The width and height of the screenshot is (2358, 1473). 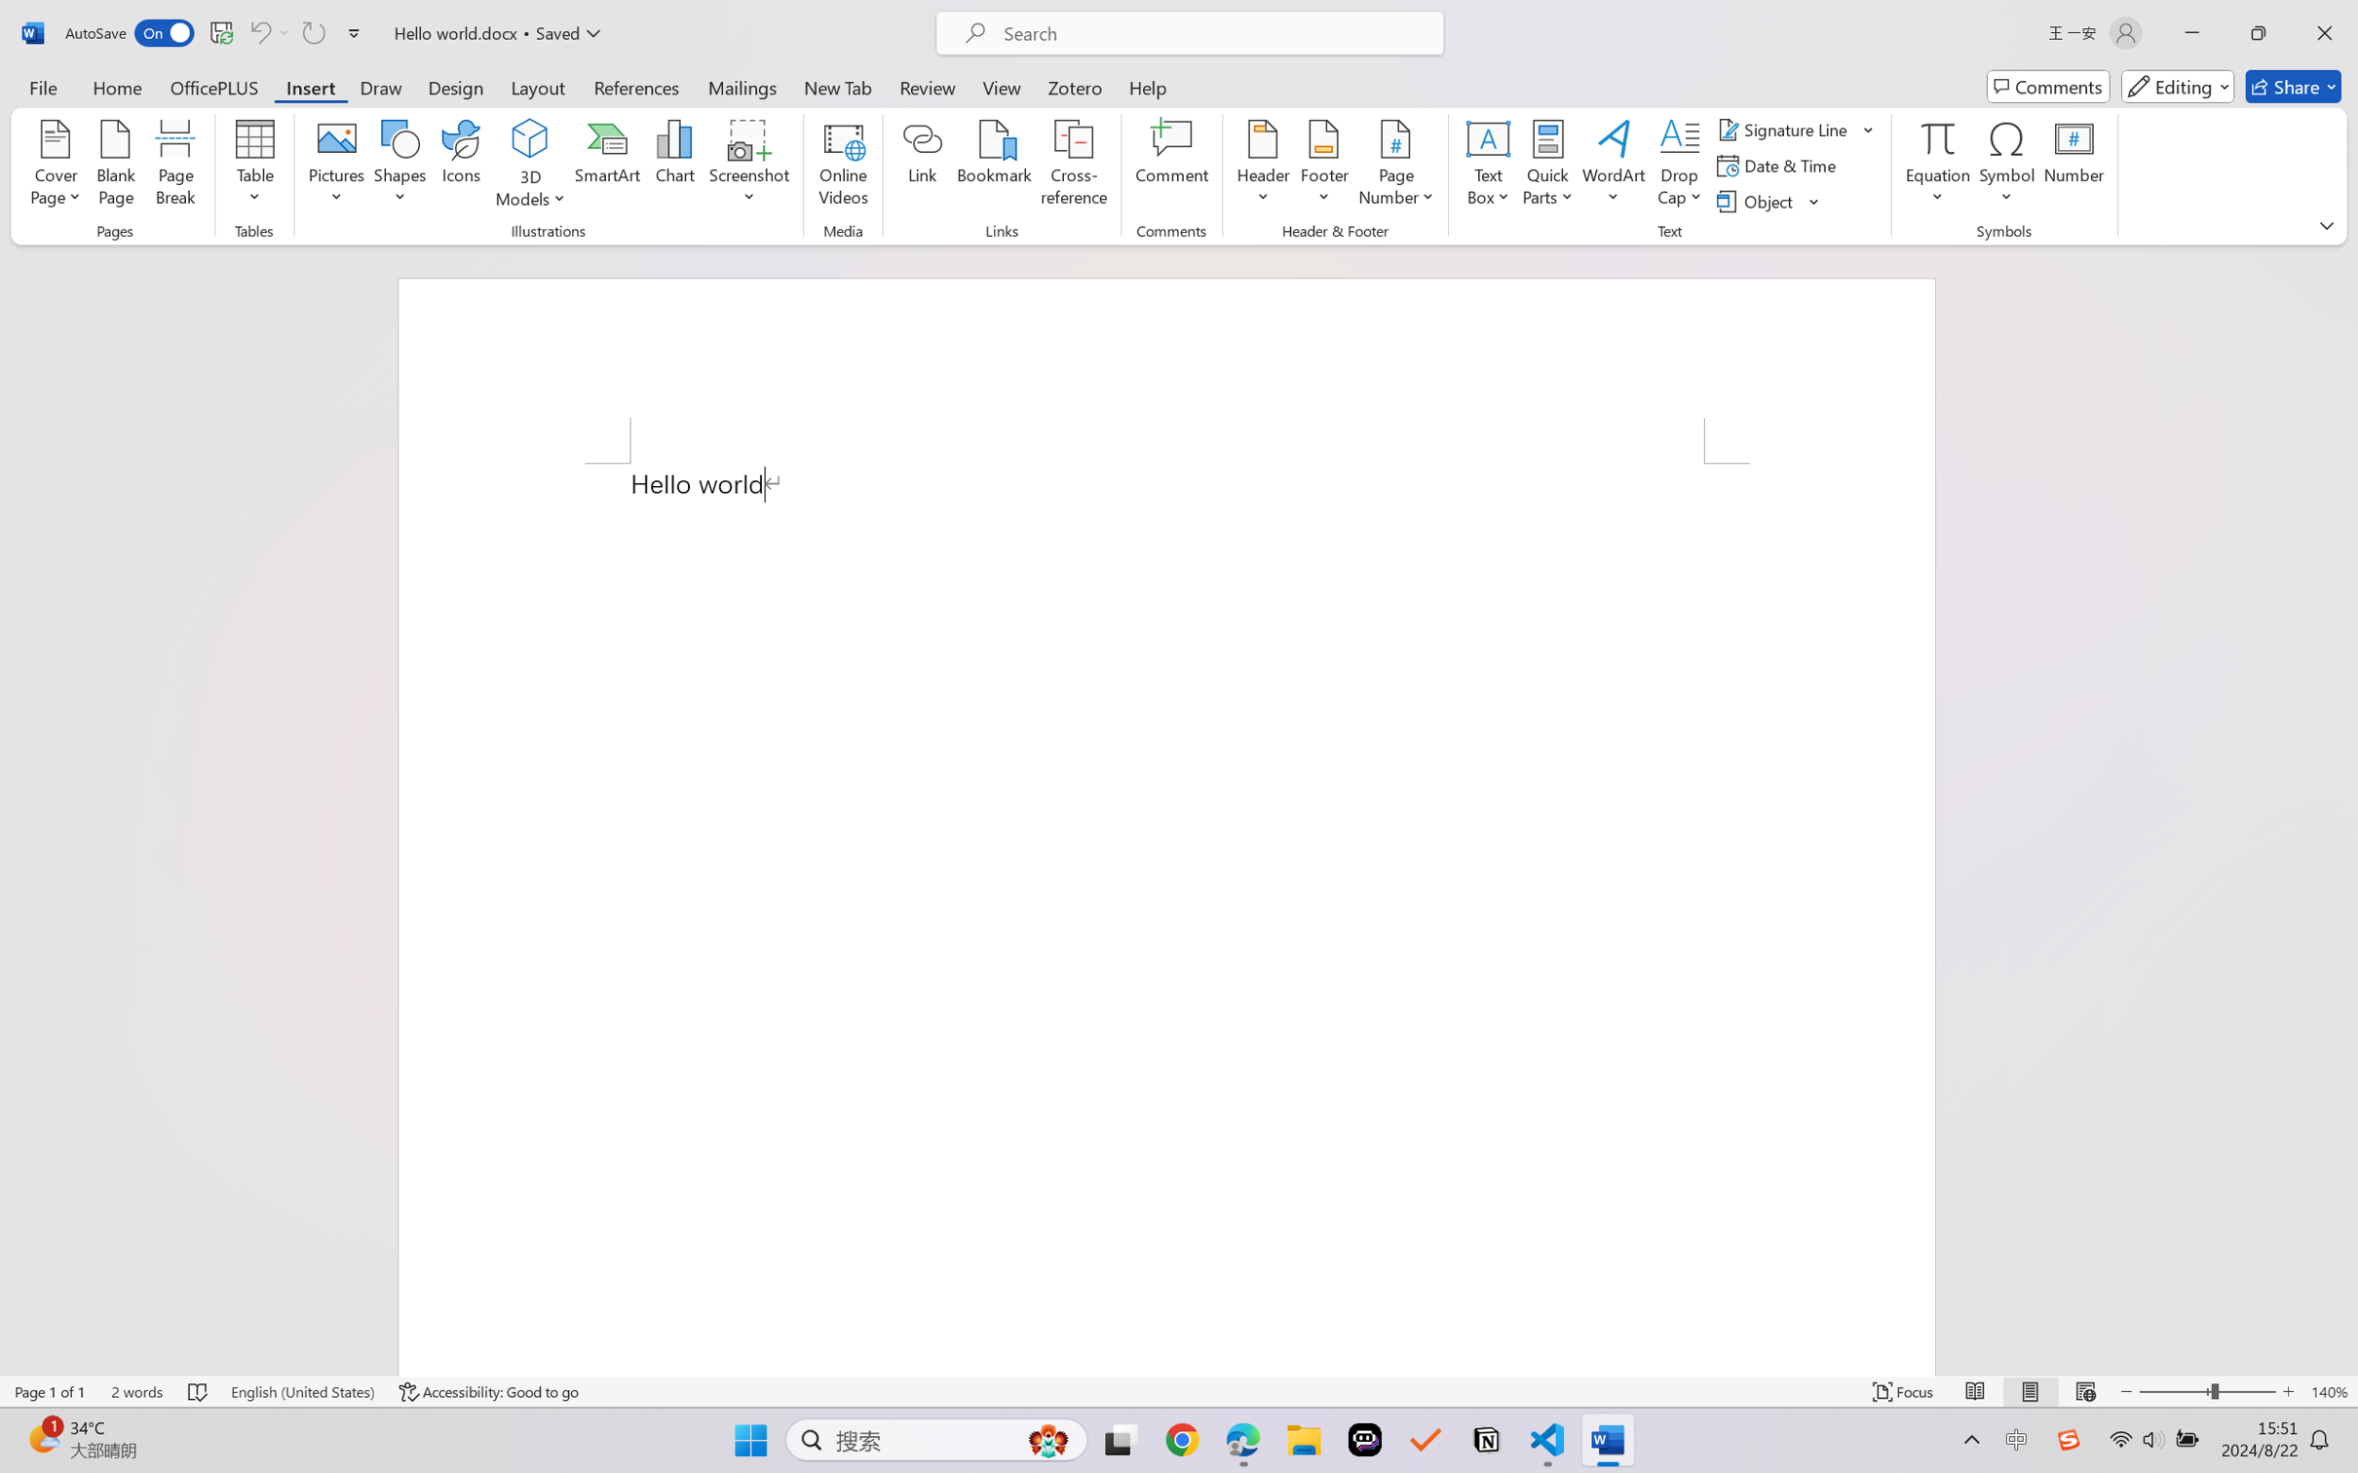 What do you see at coordinates (1395, 166) in the screenshot?
I see `'Page Number'` at bounding box center [1395, 166].